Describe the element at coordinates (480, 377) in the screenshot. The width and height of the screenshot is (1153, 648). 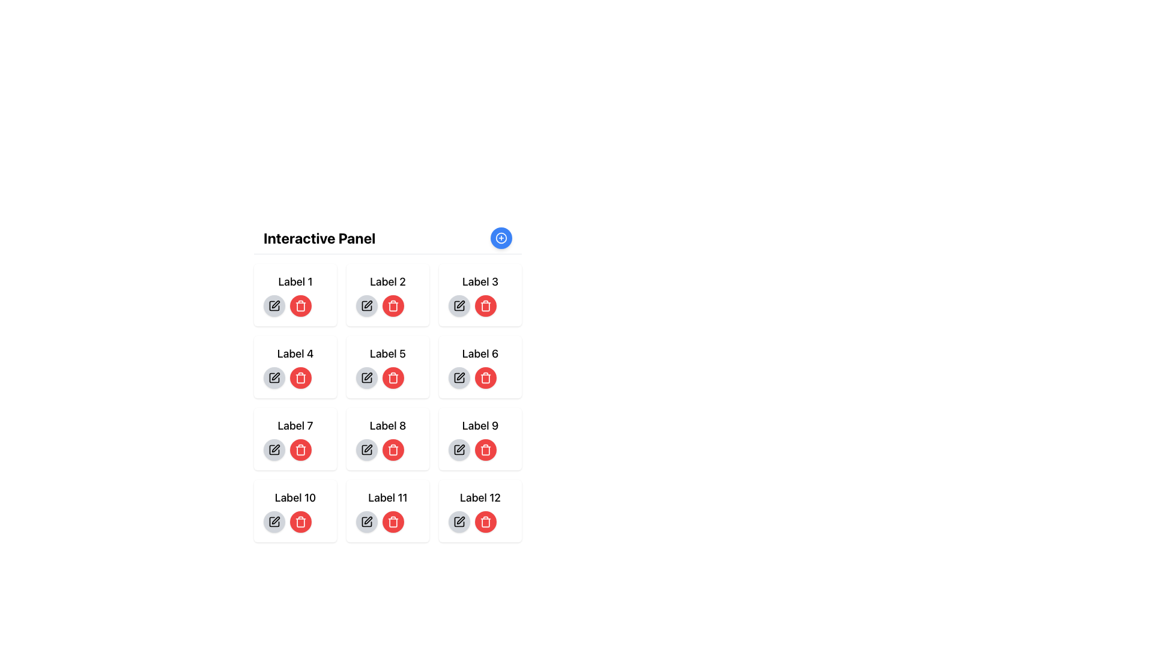
I see `the circular red button with a white trash icon, labeled 'Label 6'` at that location.